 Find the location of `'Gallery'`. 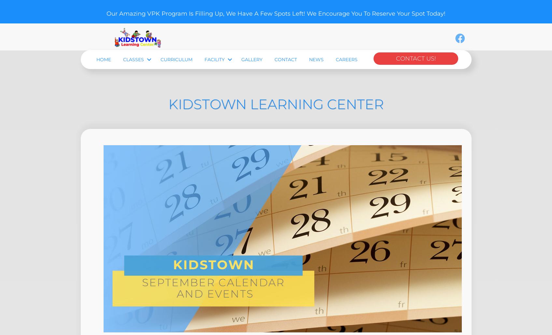

'Gallery' is located at coordinates (241, 96).